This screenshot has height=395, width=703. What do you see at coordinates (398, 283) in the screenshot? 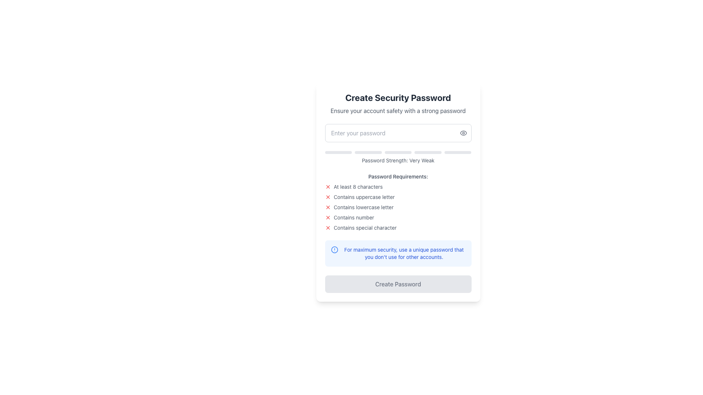
I see `label of the button intended to proceed with creating a password, located at the bottom of the 'Create Security Password' layout beneath a blue informational box` at bounding box center [398, 283].